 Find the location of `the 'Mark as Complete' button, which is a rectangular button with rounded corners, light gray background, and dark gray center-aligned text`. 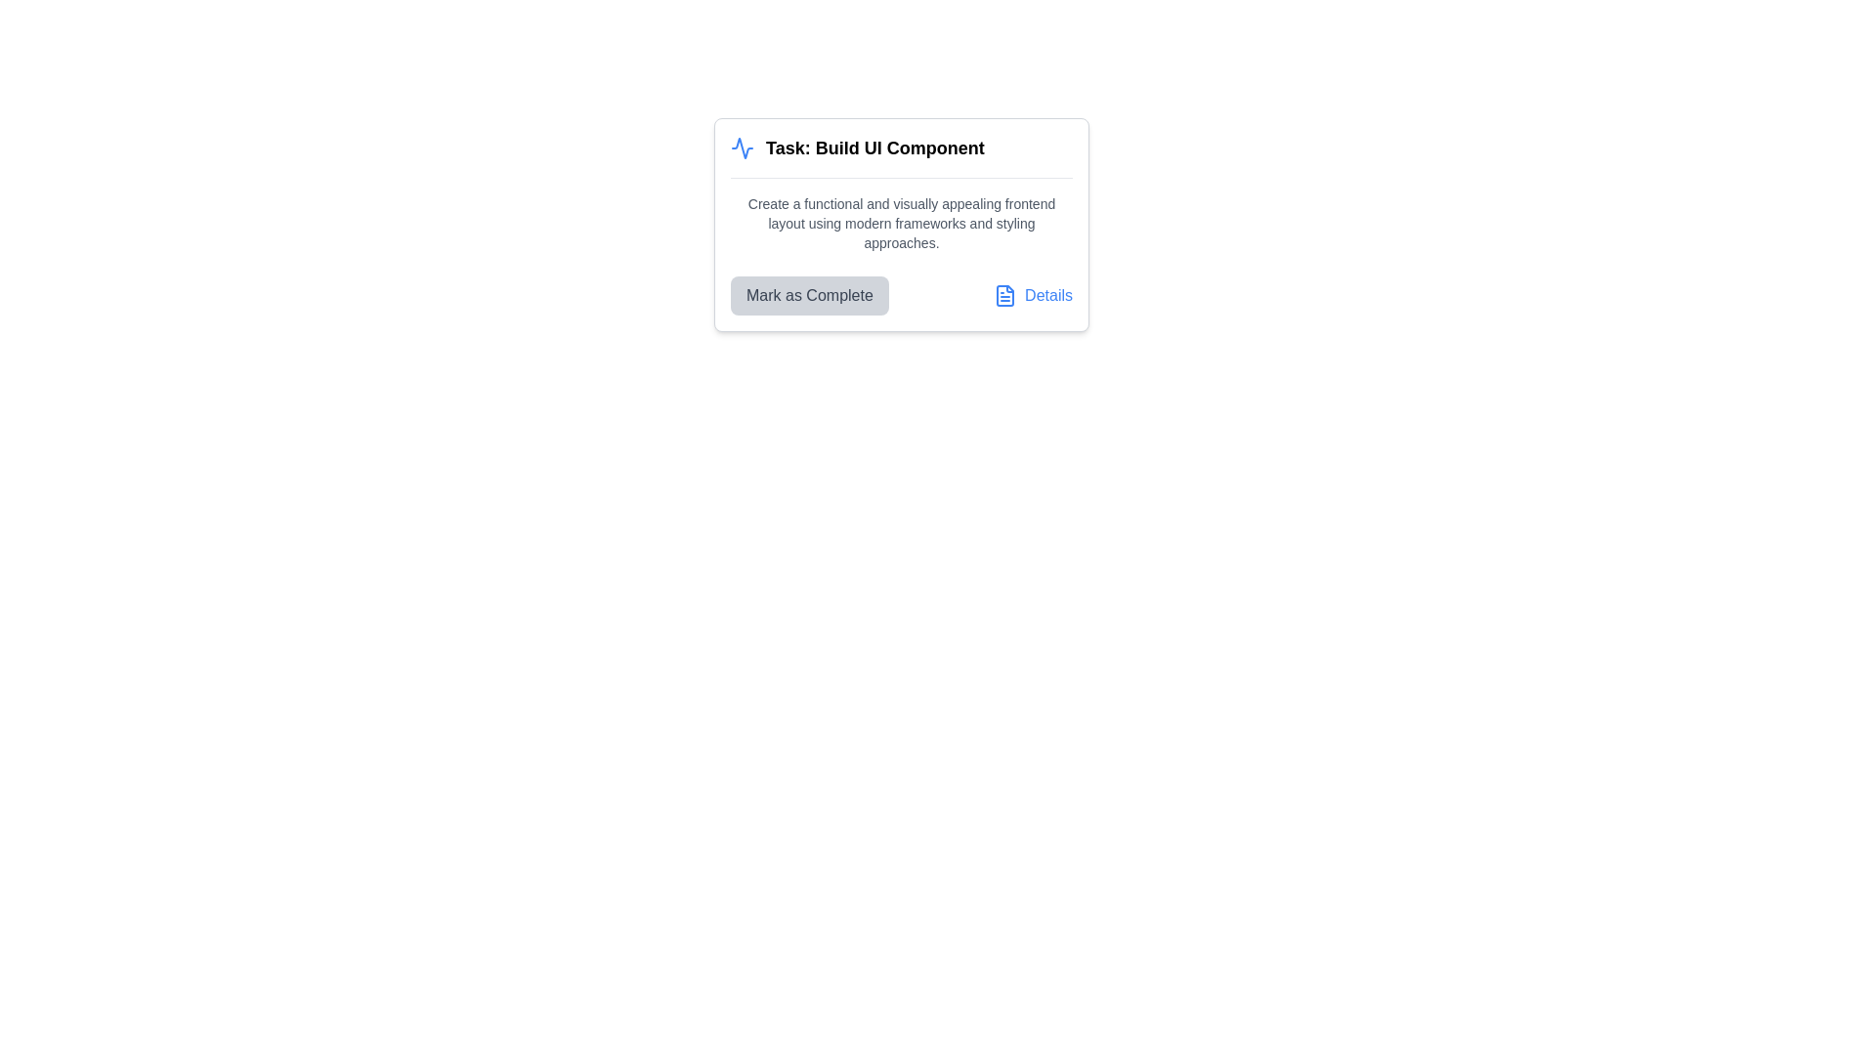

the 'Mark as Complete' button, which is a rectangular button with rounded corners, light gray background, and dark gray center-aligned text is located at coordinates (809, 296).